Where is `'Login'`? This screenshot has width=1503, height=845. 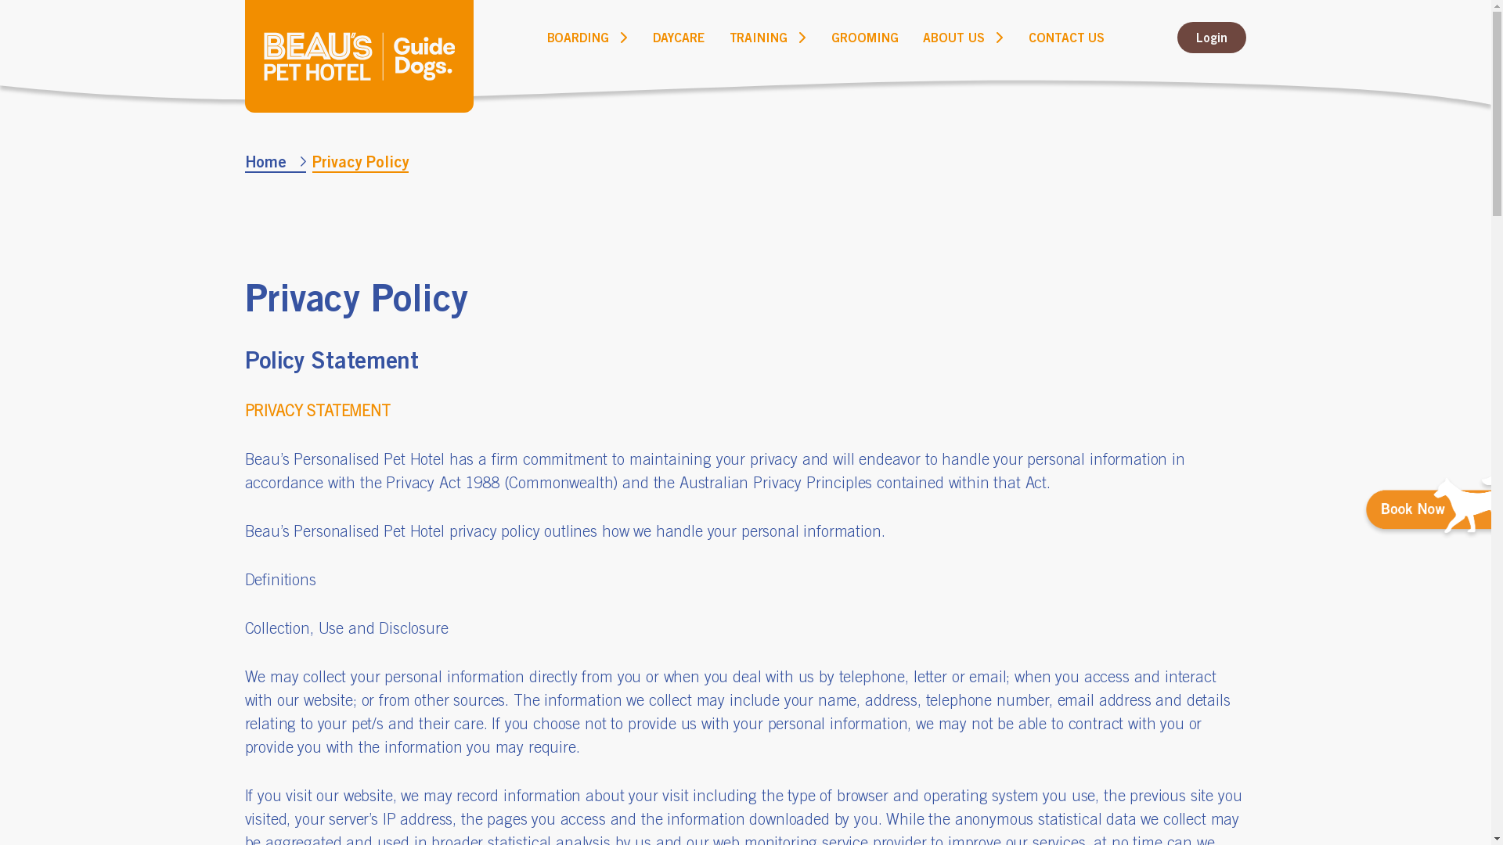
'Login' is located at coordinates (1211, 36).